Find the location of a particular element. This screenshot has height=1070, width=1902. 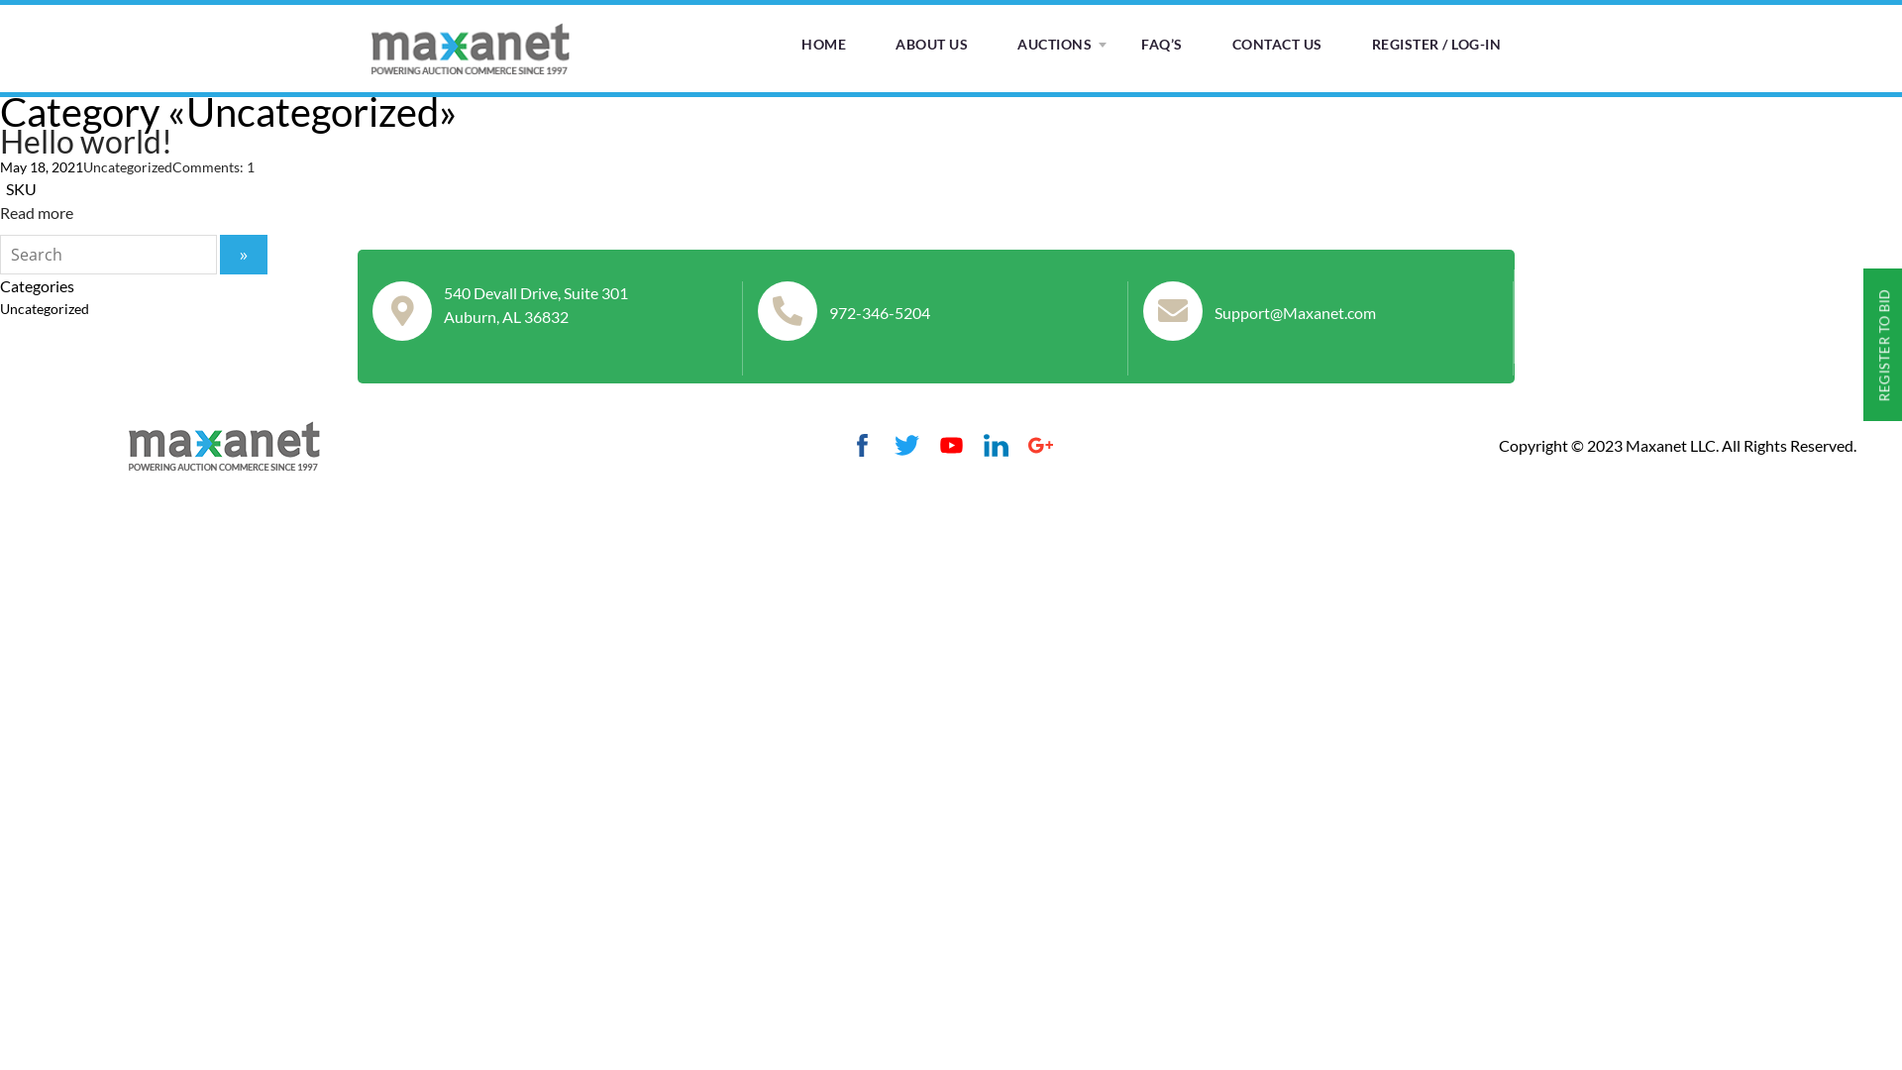

'Read more' is located at coordinates (0, 212).